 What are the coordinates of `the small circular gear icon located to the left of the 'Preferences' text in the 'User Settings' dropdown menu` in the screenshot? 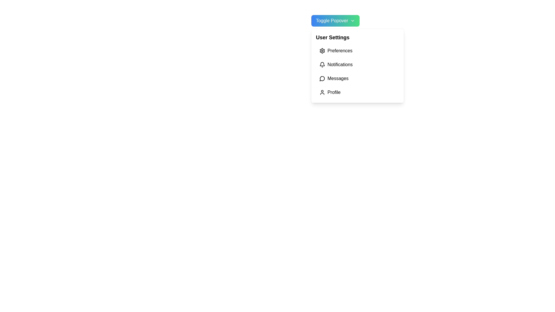 It's located at (322, 51).